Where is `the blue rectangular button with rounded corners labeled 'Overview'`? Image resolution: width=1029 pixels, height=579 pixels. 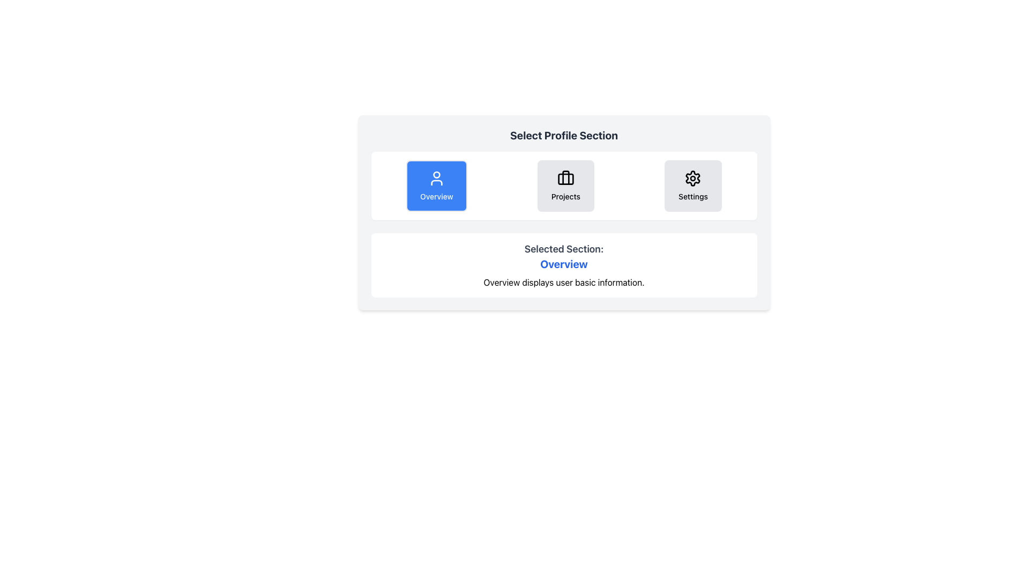
the blue rectangular button with rounded corners labeled 'Overview' is located at coordinates (436, 185).